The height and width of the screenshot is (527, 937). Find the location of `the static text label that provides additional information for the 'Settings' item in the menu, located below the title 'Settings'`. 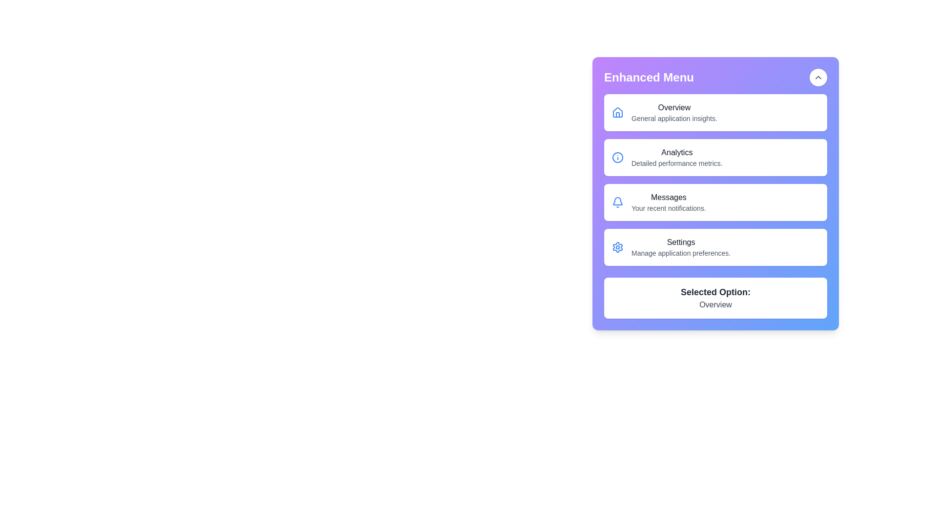

the static text label that provides additional information for the 'Settings' item in the menu, located below the title 'Settings' is located at coordinates (680, 253).